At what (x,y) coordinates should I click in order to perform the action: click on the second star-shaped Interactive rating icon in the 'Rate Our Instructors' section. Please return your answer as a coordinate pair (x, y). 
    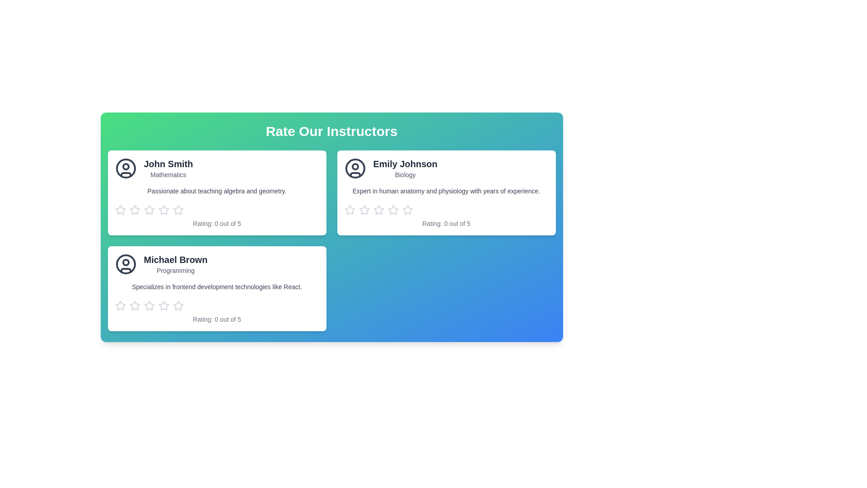
    Looking at the image, I should click on (149, 305).